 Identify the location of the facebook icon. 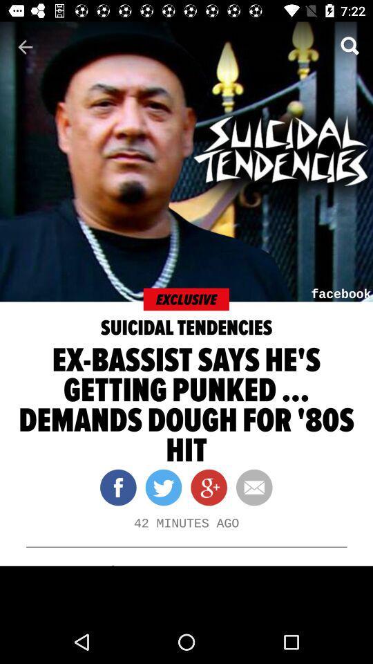
(118, 488).